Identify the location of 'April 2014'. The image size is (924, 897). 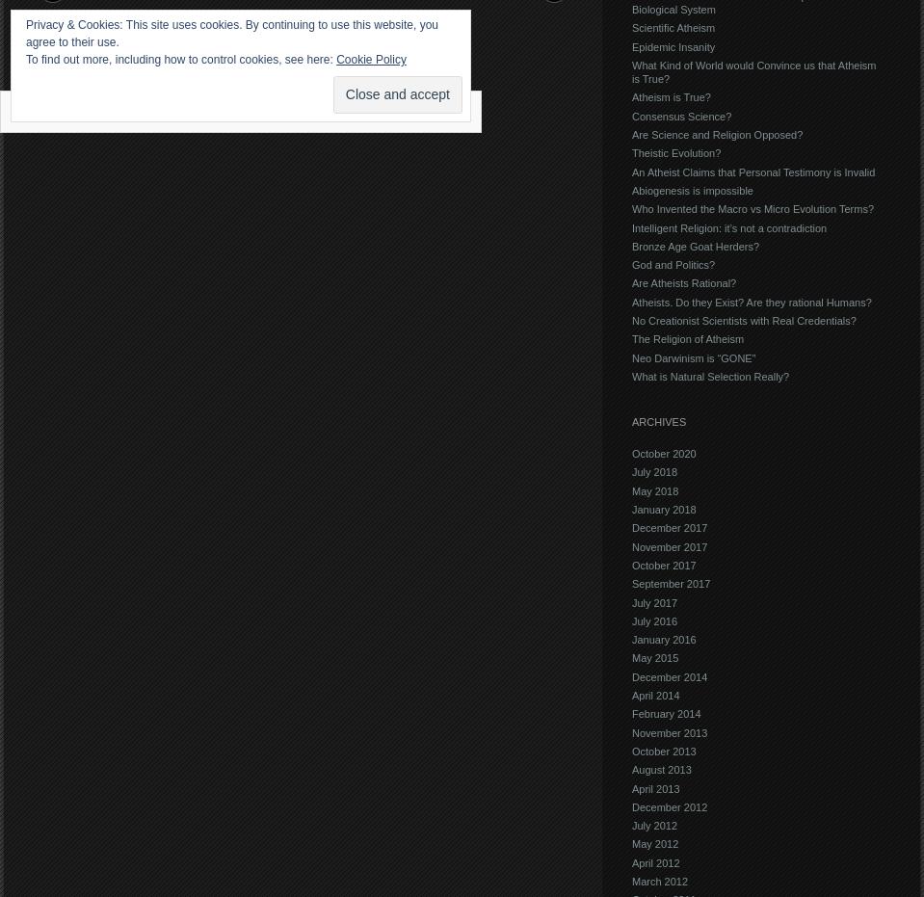
(655, 694).